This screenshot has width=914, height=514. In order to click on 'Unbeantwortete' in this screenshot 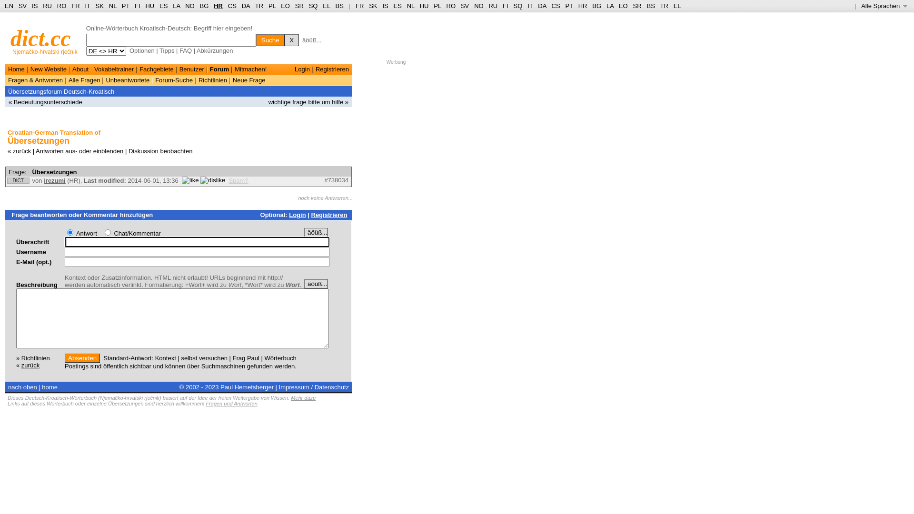, I will do `click(105, 79)`.